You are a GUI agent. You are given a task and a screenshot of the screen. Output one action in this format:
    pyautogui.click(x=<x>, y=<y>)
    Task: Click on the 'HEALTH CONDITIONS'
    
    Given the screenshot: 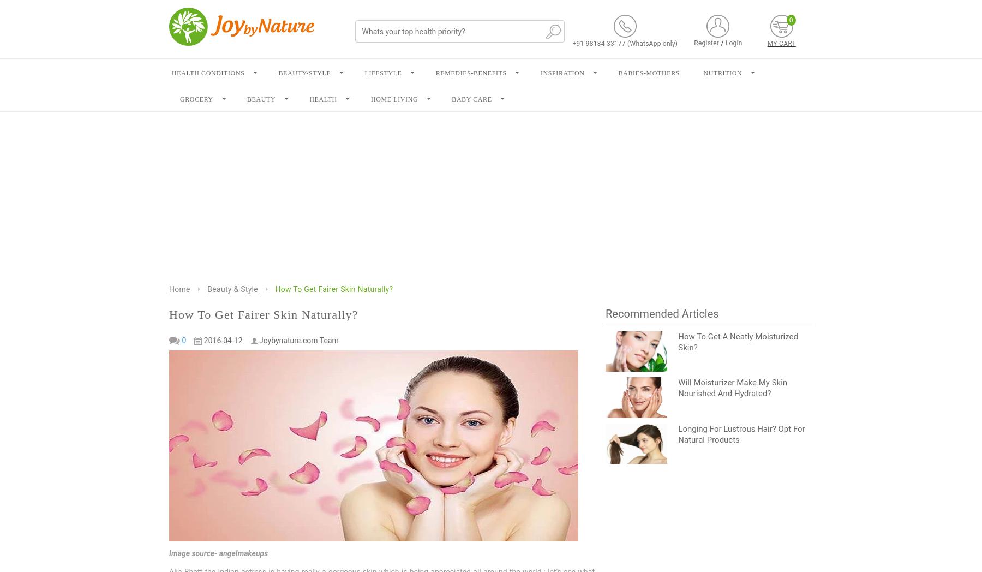 What is the action you would take?
    pyautogui.click(x=208, y=73)
    